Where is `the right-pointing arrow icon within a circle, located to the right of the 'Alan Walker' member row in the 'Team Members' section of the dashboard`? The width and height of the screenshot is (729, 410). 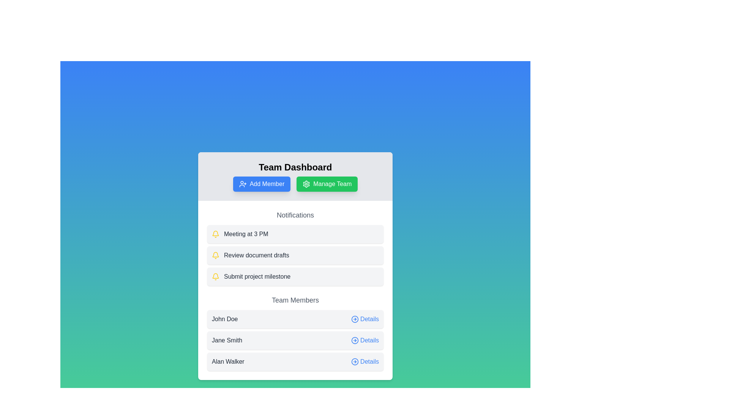
the right-pointing arrow icon within a circle, located to the right of the 'Alan Walker' member row in the 'Team Members' section of the dashboard is located at coordinates (355, 361).